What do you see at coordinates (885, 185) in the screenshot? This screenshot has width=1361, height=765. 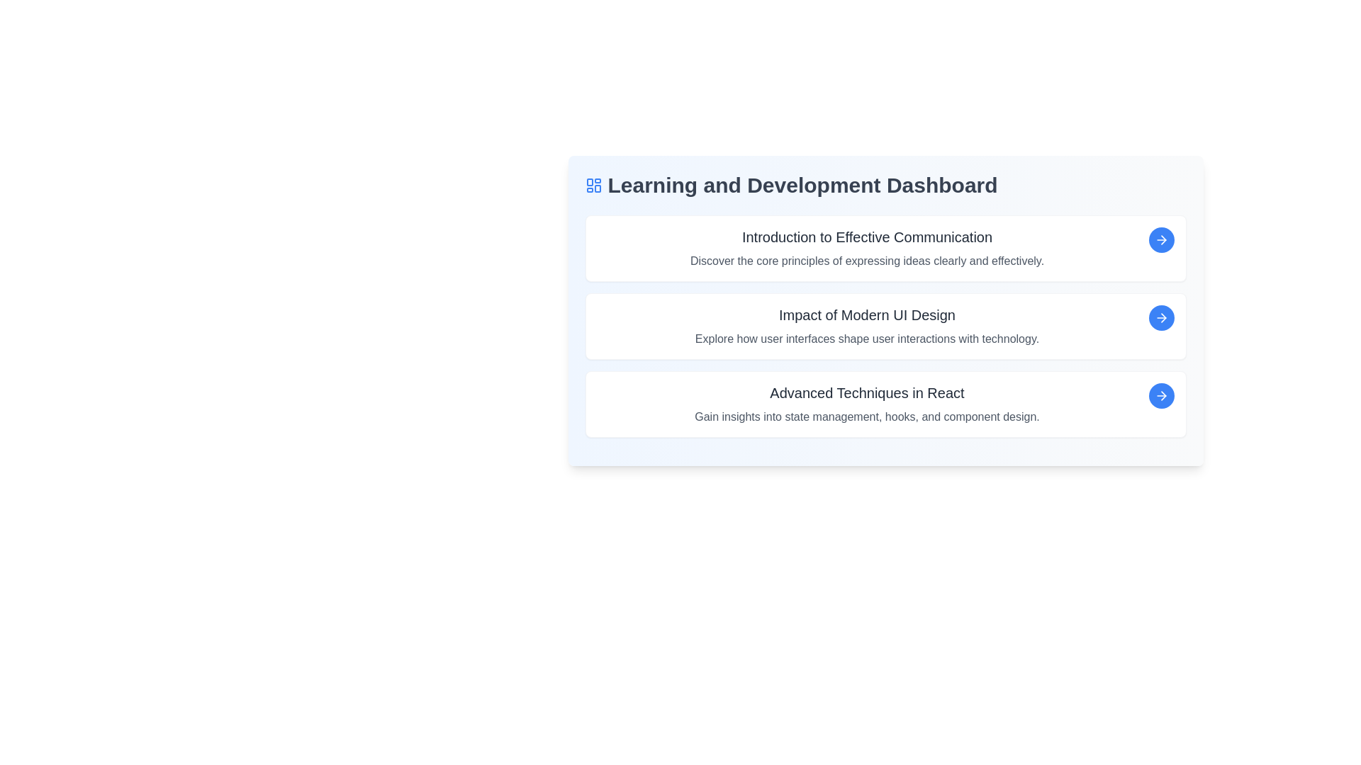 I see `title label 'Learning and Development Dashboard' to understand the dashboard's context` at bounding box center [885, 185].